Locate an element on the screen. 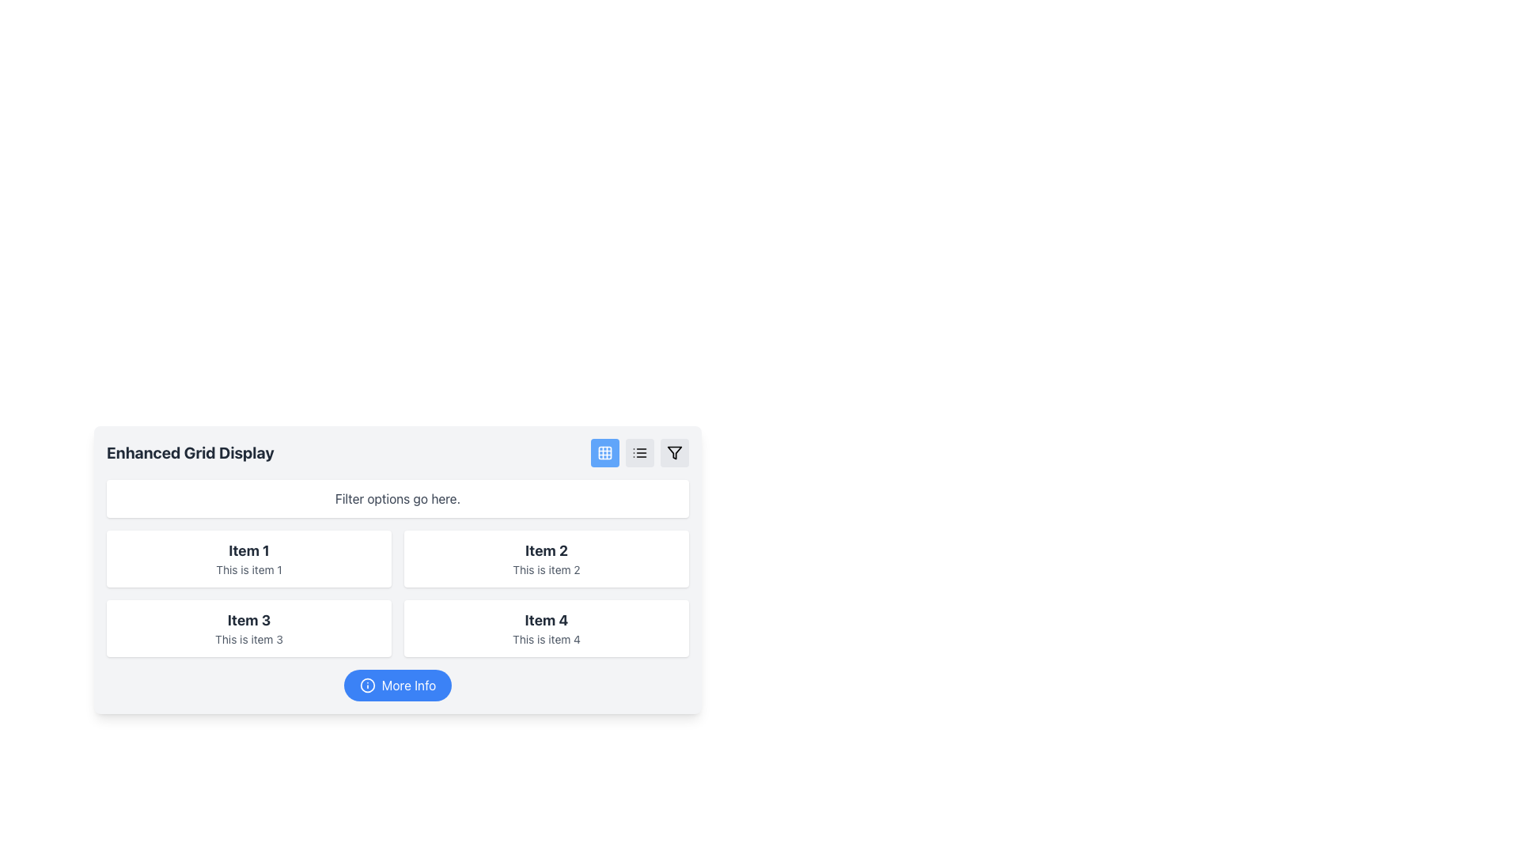 This screenshot has height=854, width=1519. the filter button located at the far right of a row of three buttons, featuring a funnel icon on a light gray background with rounded corners is located at coordinates (675, 453).